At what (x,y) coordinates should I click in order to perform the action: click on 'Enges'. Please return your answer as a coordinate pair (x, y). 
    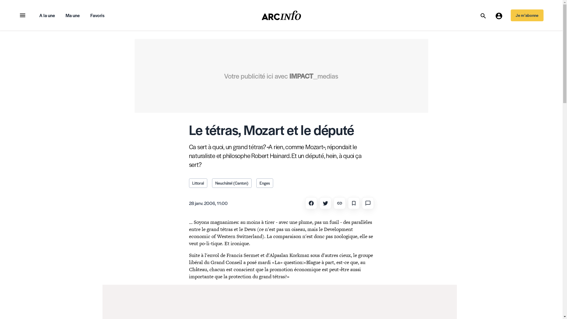
    Looking at the image, I should click on (256, 183).